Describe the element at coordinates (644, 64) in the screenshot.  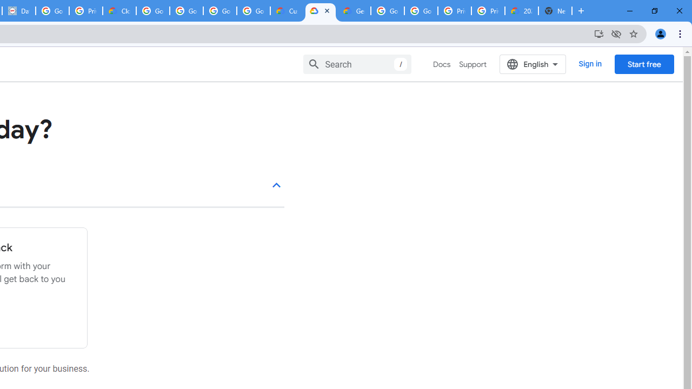
I see `'Start free'` at that location.